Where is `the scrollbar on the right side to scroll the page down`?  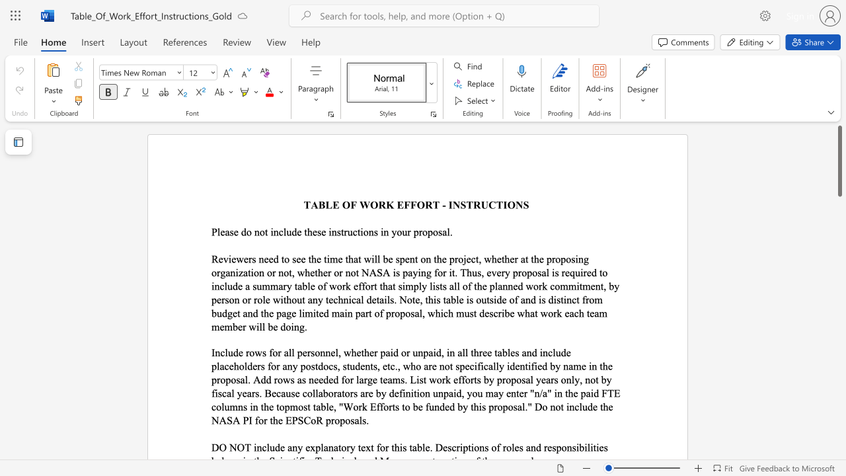 the scrollbar on the right side to scroll the page down is located at coordinates (839, 448).